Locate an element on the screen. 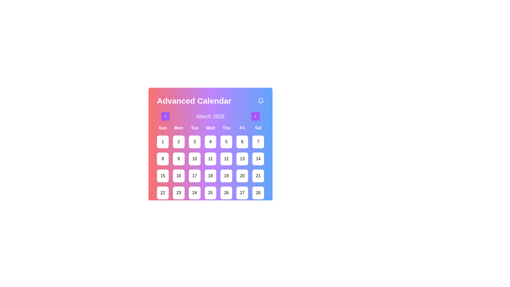 The height and width of the screenshot is (287, 510). the Calendar date button displaying the number '2', which is located in the second column and first row of the calendar grid, below 'Mon' and next to '1' is located at coordinates (178, 141).